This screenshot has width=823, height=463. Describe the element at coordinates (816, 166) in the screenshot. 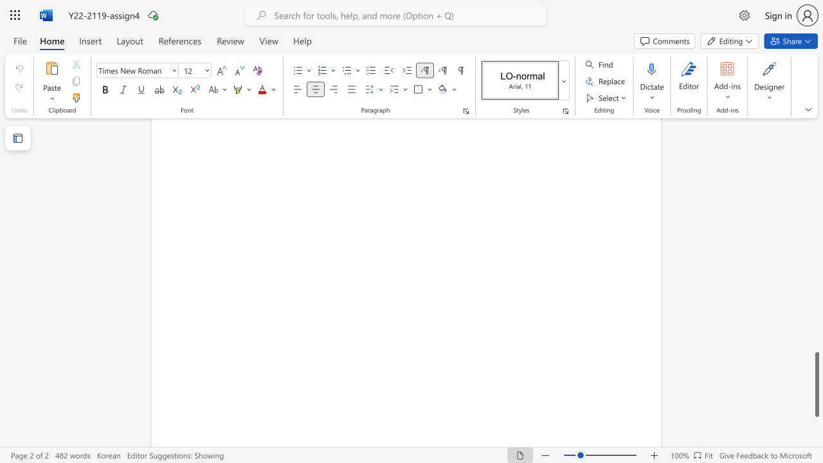

I see `the scrollbar on the right side to scroll the page up` at that location.